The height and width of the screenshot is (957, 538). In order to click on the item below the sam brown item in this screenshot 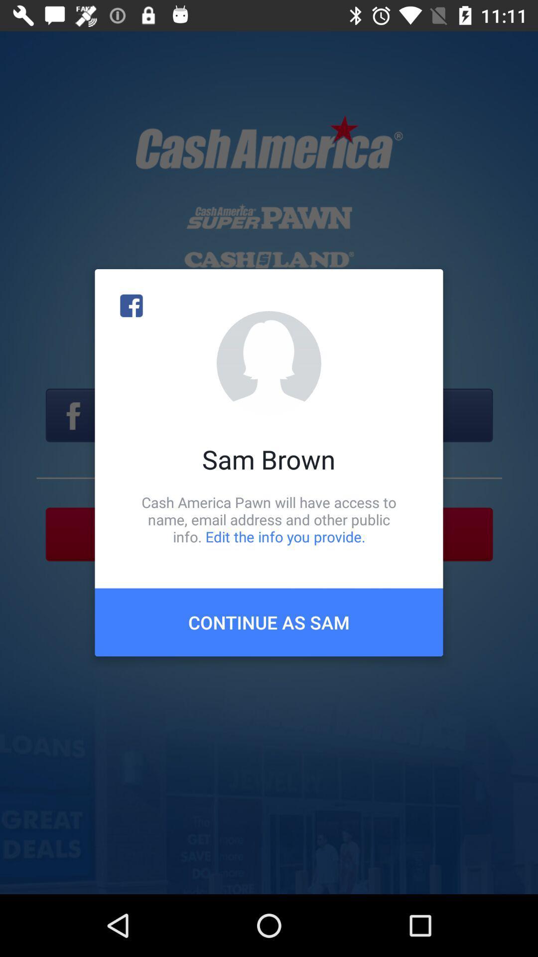, I will do `click(269, 519)`.